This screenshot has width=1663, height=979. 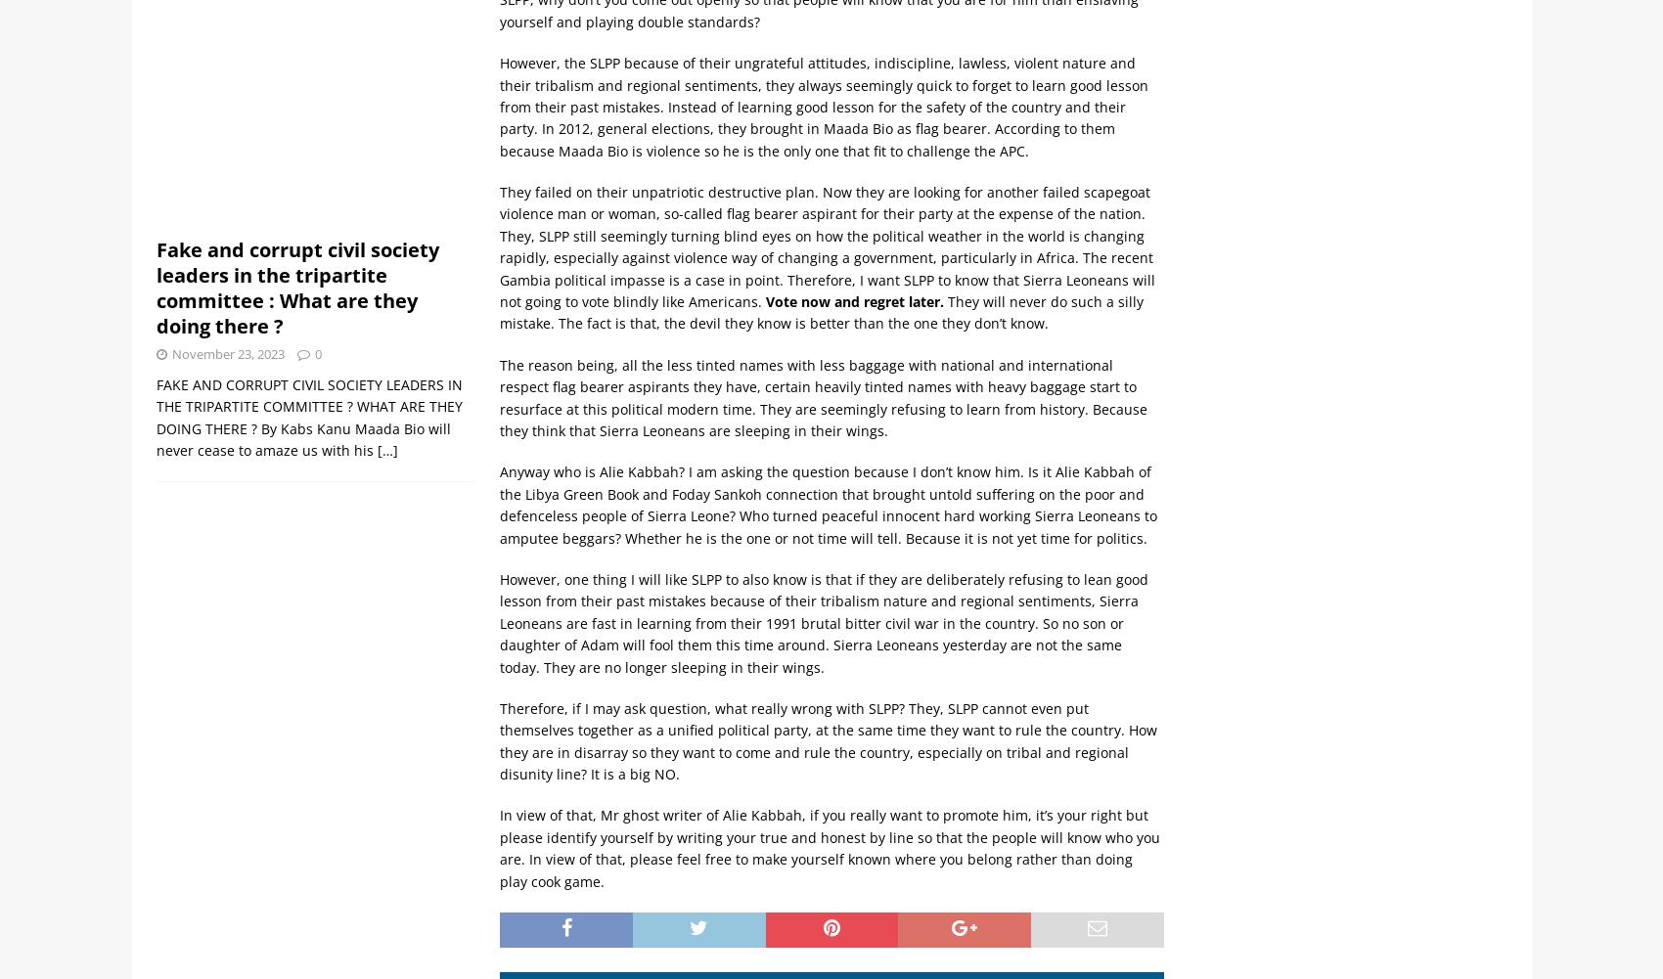 I want to click on 'However, the SLPP because of their ungrateful attitudes, indiscipline, lawless, violent nature and their tribalism and regional sentiments, they always seemingly quick to forget to learn good lesson from their past mistakes. Instead of learning good lesson for the safety of the country and their party. In 2012, general elections, they brought in Maada Bio as flag bearer. According to them because Maada Bio is violence so he is the only one that fit to challenge the APC.', so click(x=823, y=106).